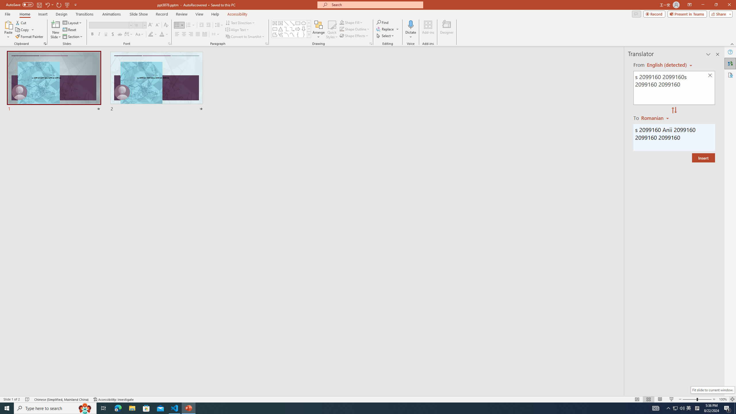  I want to click on 'Zoom 100%', so click(723, 399).